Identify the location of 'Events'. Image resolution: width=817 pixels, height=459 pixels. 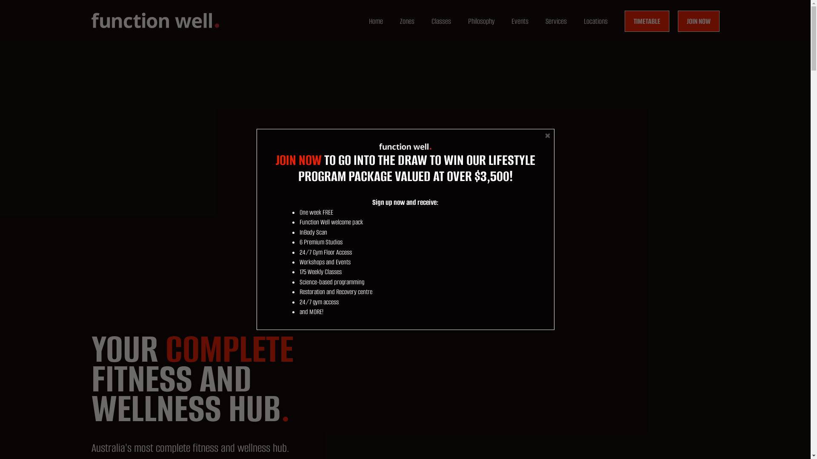
(520, 21).